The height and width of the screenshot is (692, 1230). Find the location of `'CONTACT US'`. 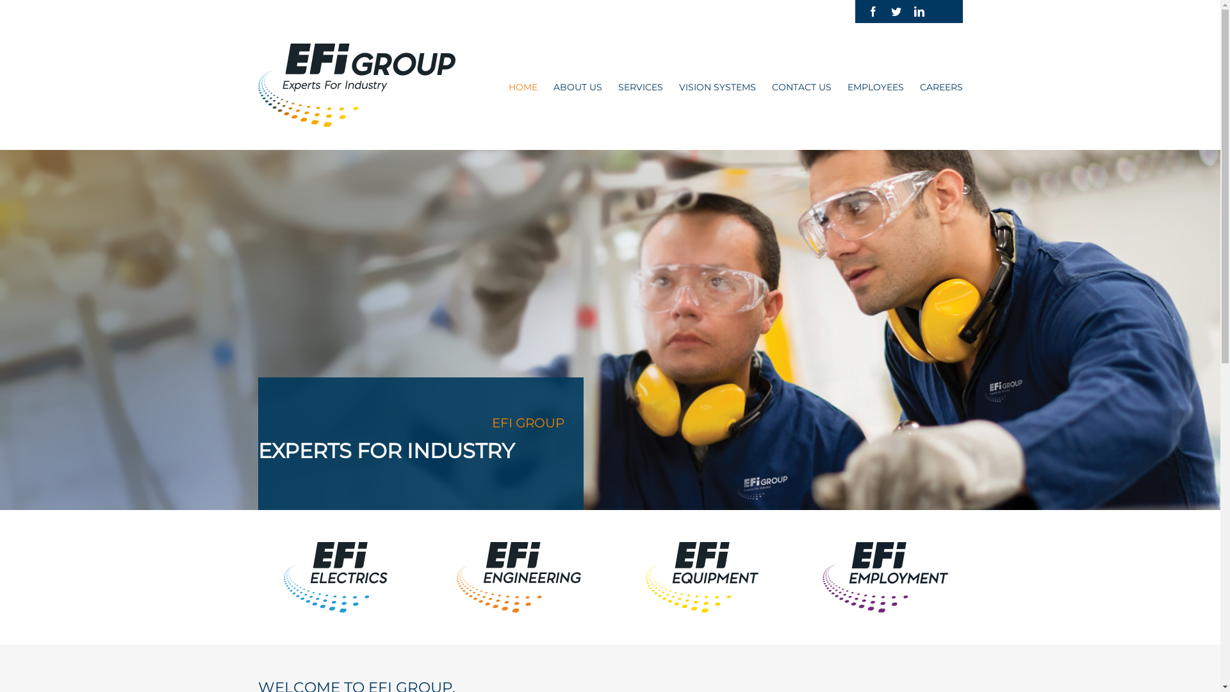

'CONTACT US' is located at coordinates (800, 86).